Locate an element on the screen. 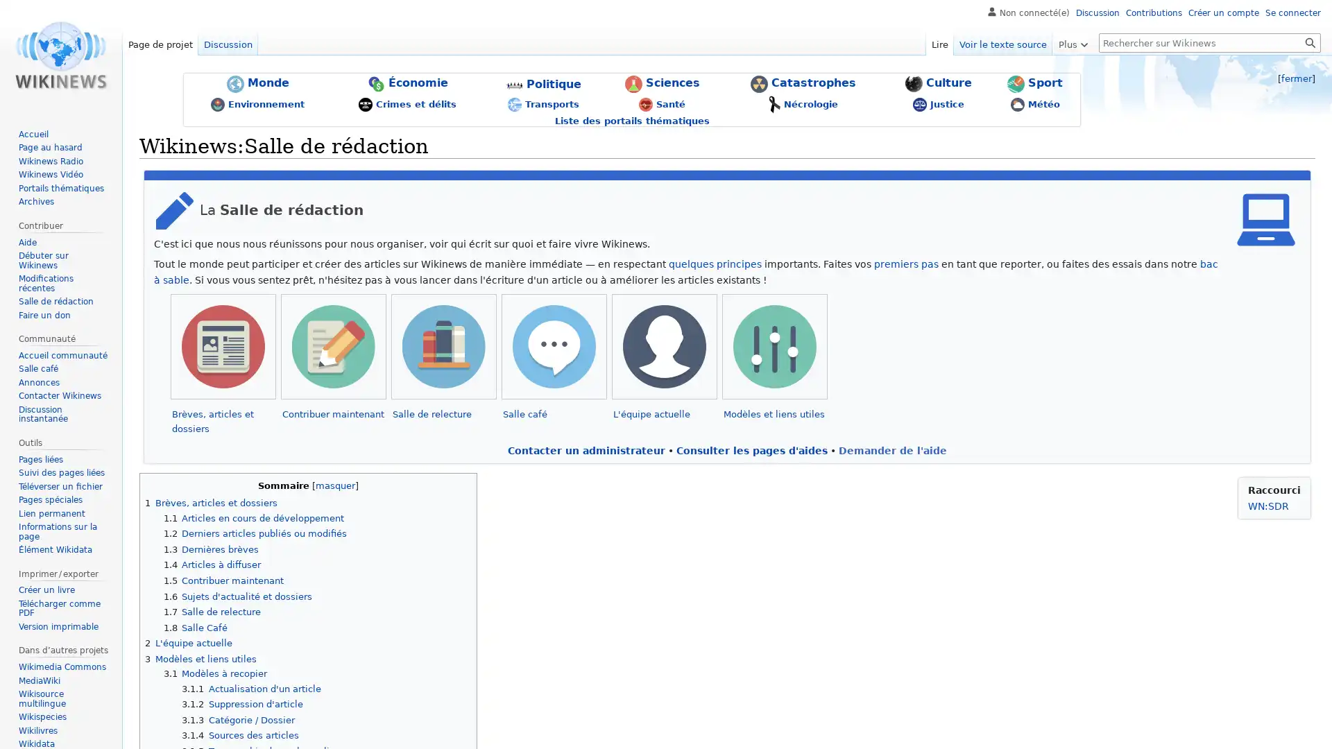 The height and width of the screenshot is (749, 1332). fermer is located at coordinates (1295, 78).